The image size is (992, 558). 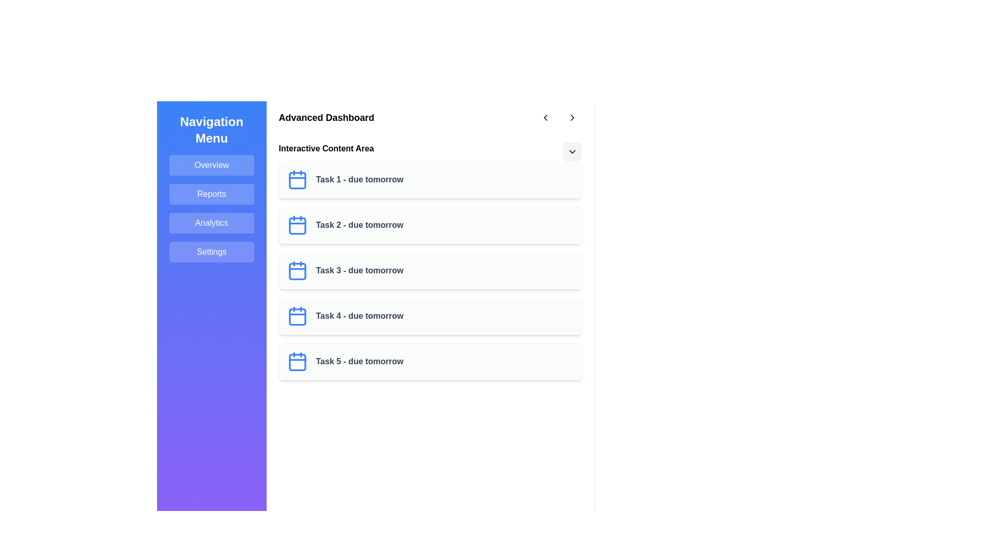 What do you see at coordinates (297, 224) in the screenshot?
I see `the calendar icon located in the second task block labeled 'Task 2 - due tomorrow', which visually indicates a date-related aspect for the associated task` at bounding box center [297, 224].